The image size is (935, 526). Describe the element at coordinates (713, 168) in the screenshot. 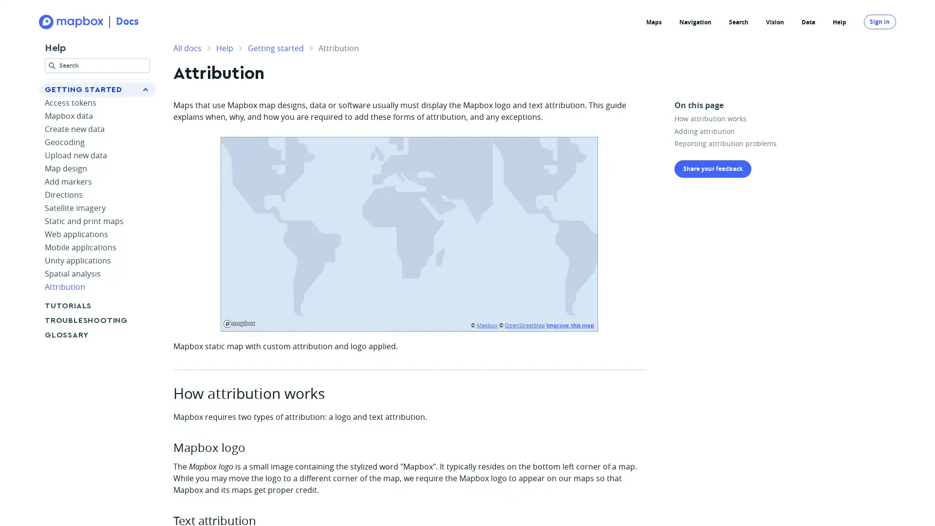

I see `Share your feedback` at that location.